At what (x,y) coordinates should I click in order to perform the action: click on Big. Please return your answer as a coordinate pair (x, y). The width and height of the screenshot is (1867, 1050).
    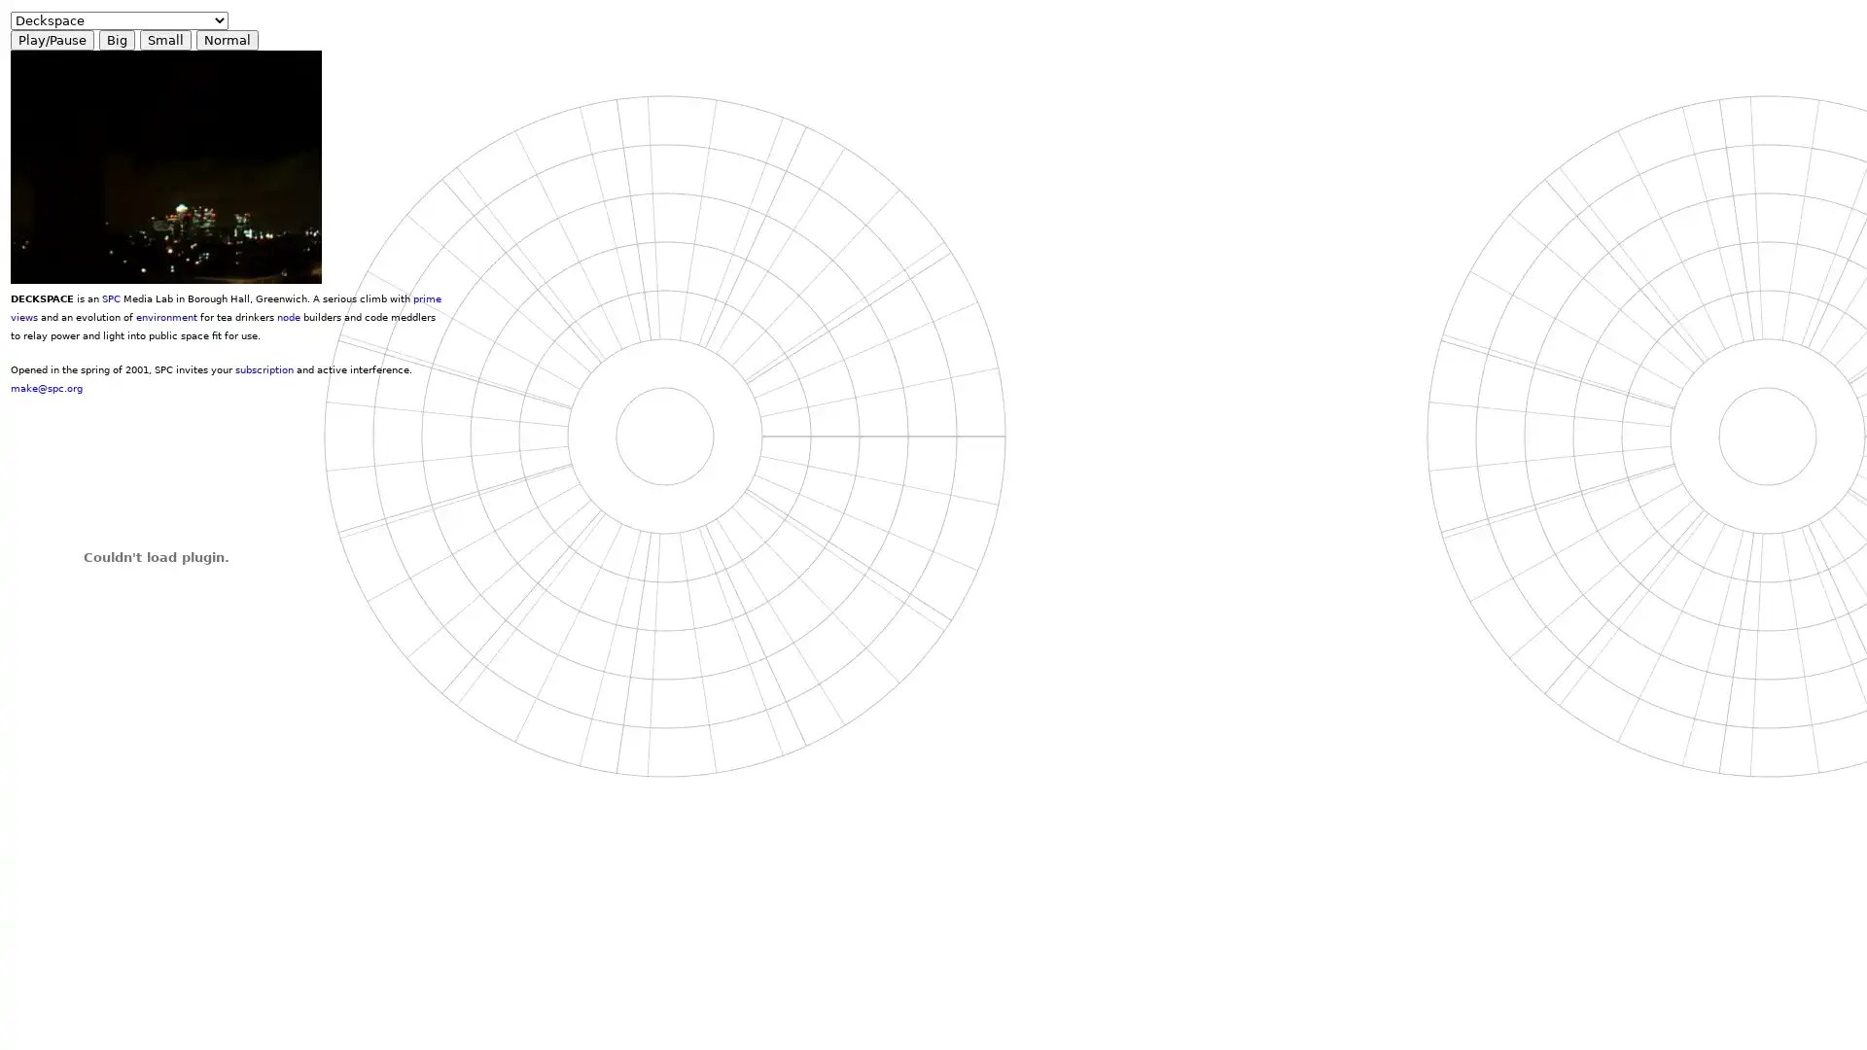
    Looking at the image, I should click on (116, 40).